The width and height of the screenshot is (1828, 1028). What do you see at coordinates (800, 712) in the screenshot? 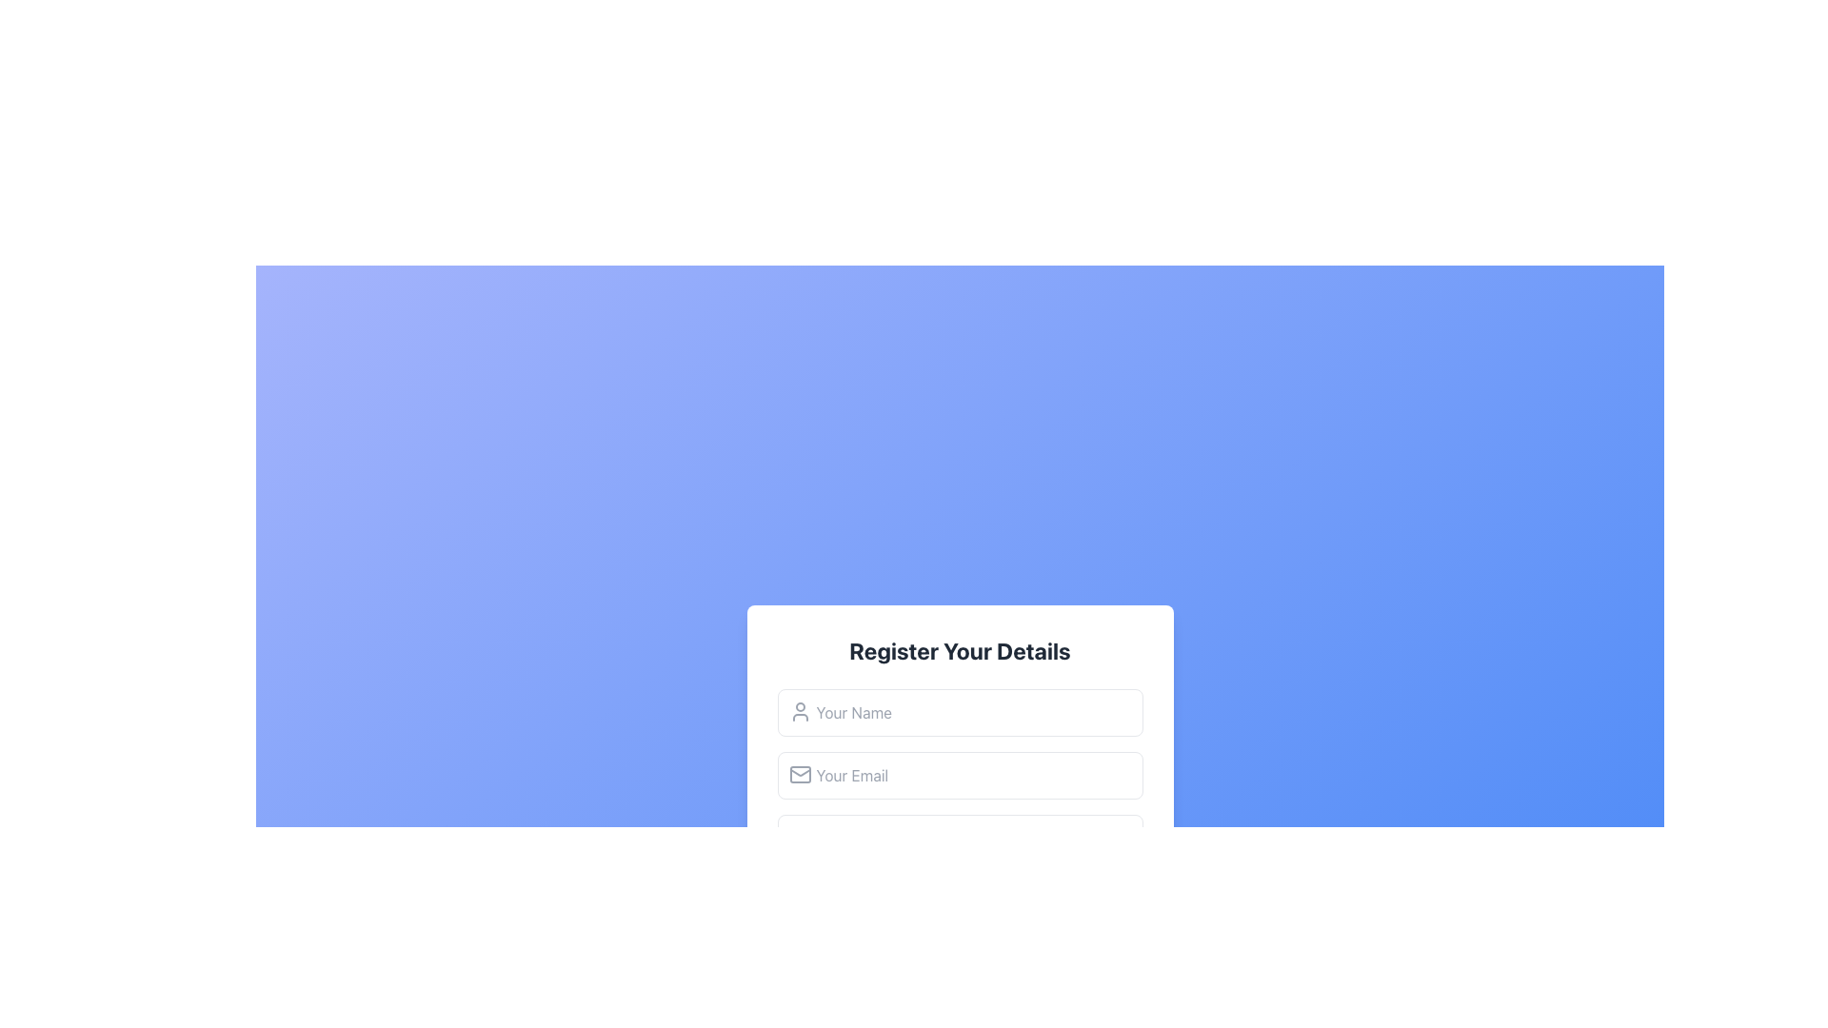
I see `the decorative icon representing the text input field for entering a user's name, located on the leftmost side of the input box labeled 'Your Name'` at bounding box center [800, 712].